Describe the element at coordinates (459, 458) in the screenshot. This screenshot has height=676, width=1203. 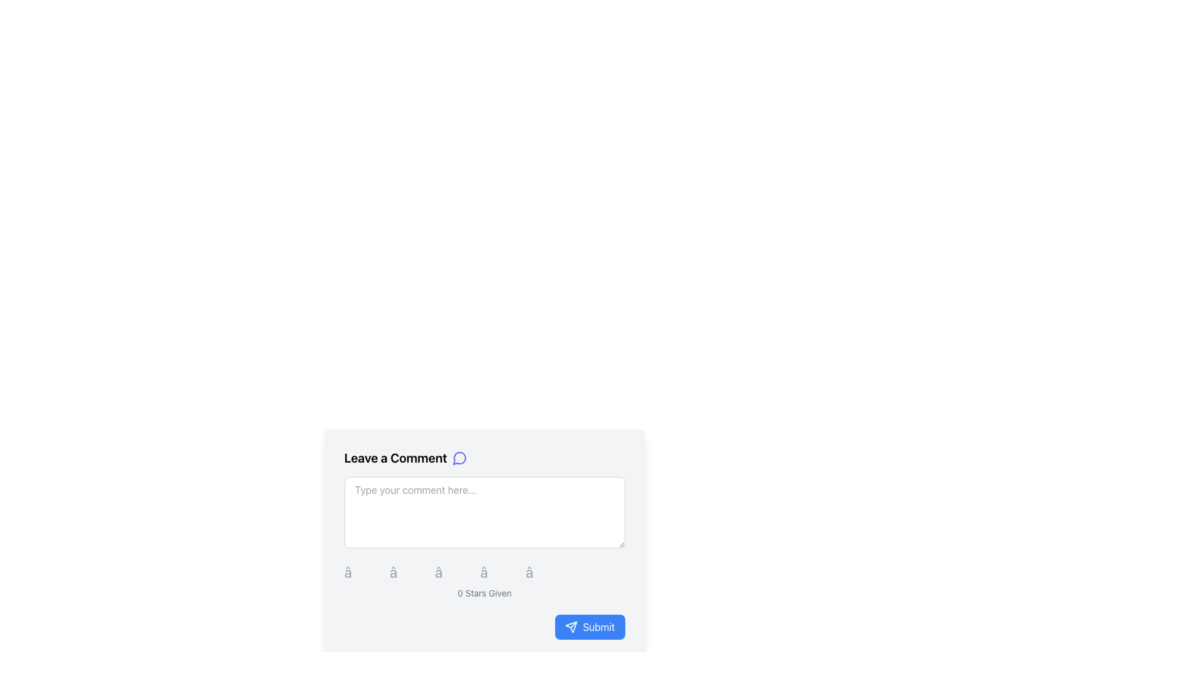
I see `the circular indigo speech bubble icon located immediately after the 'Leave a Comment' text in the header section` at that location.